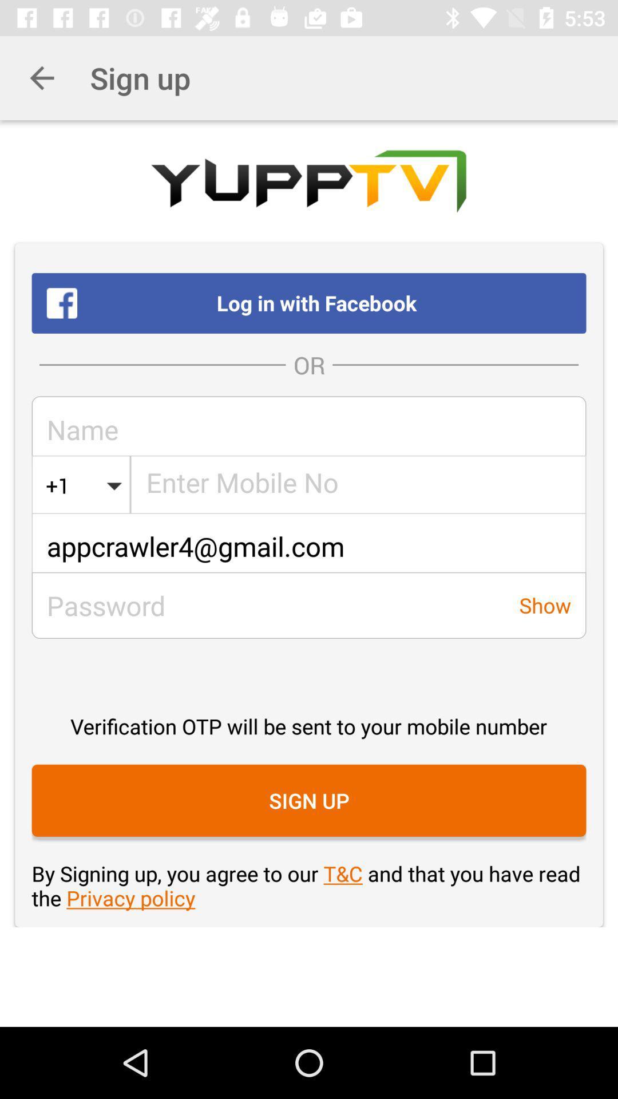 The image size is (618, 1099). I want to click on password, so click(268, 604).